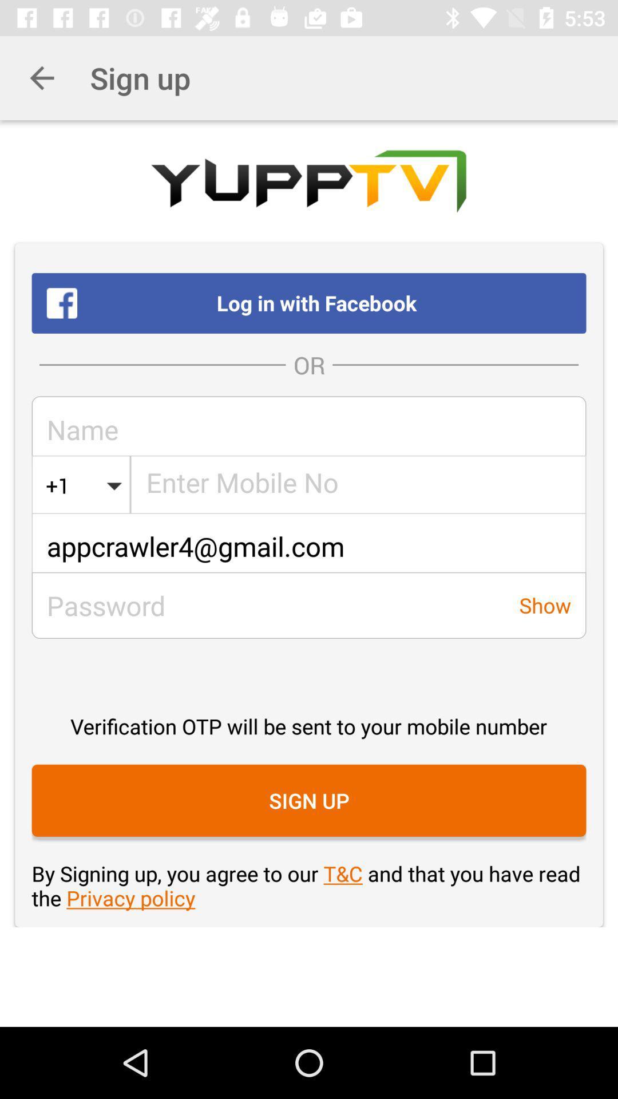 The image size is (618, 1099). I want to click on password, so click(268, 604).